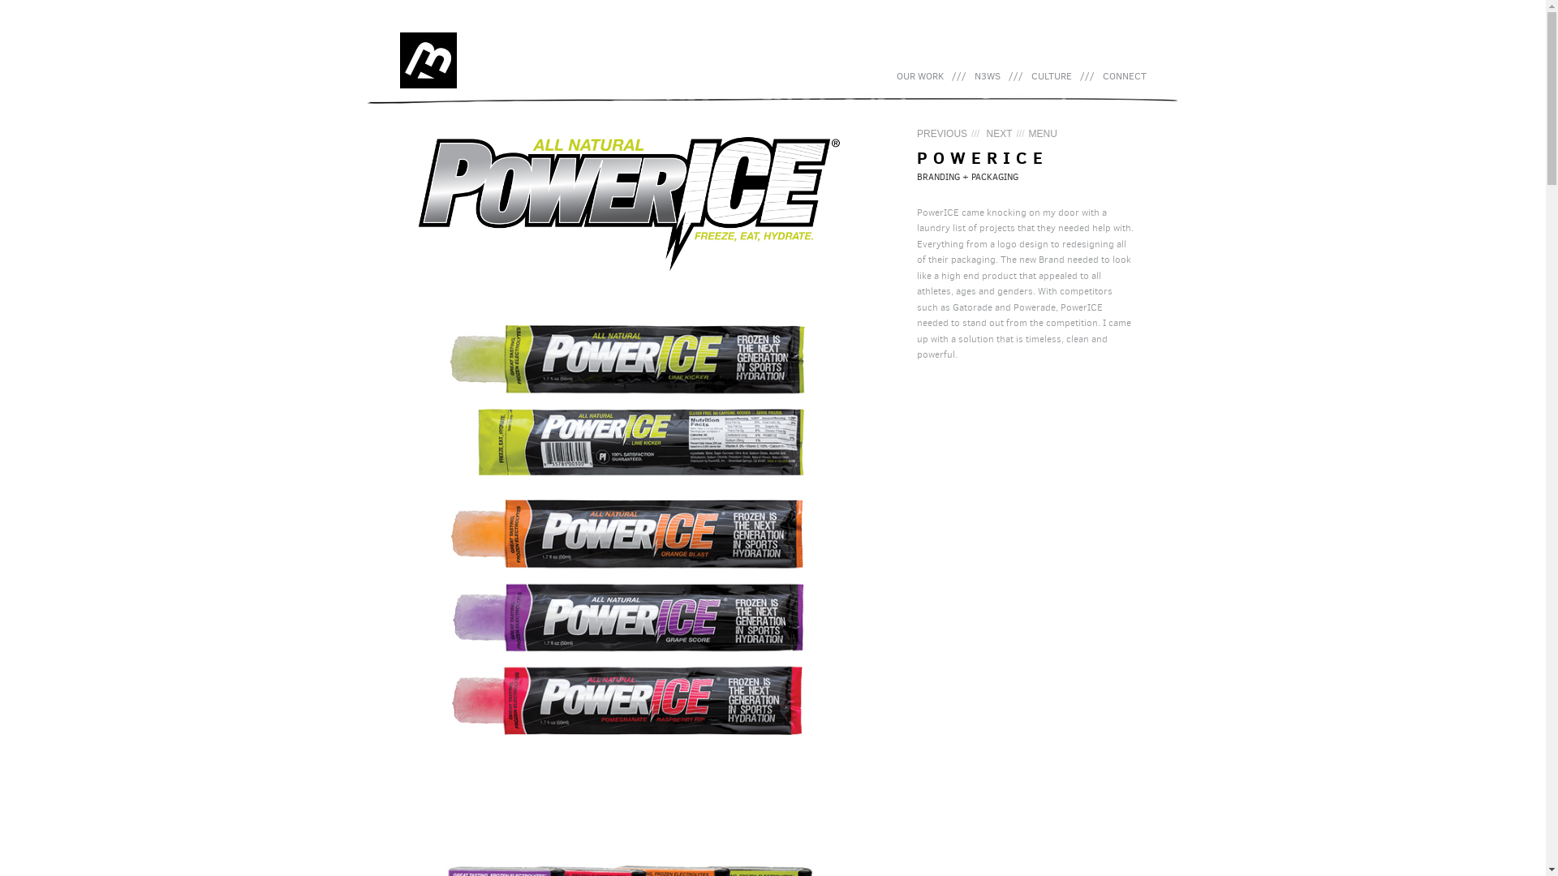 The image size is (1558, 876). I want to click on 'PREVIOUS', so click(942, 133).